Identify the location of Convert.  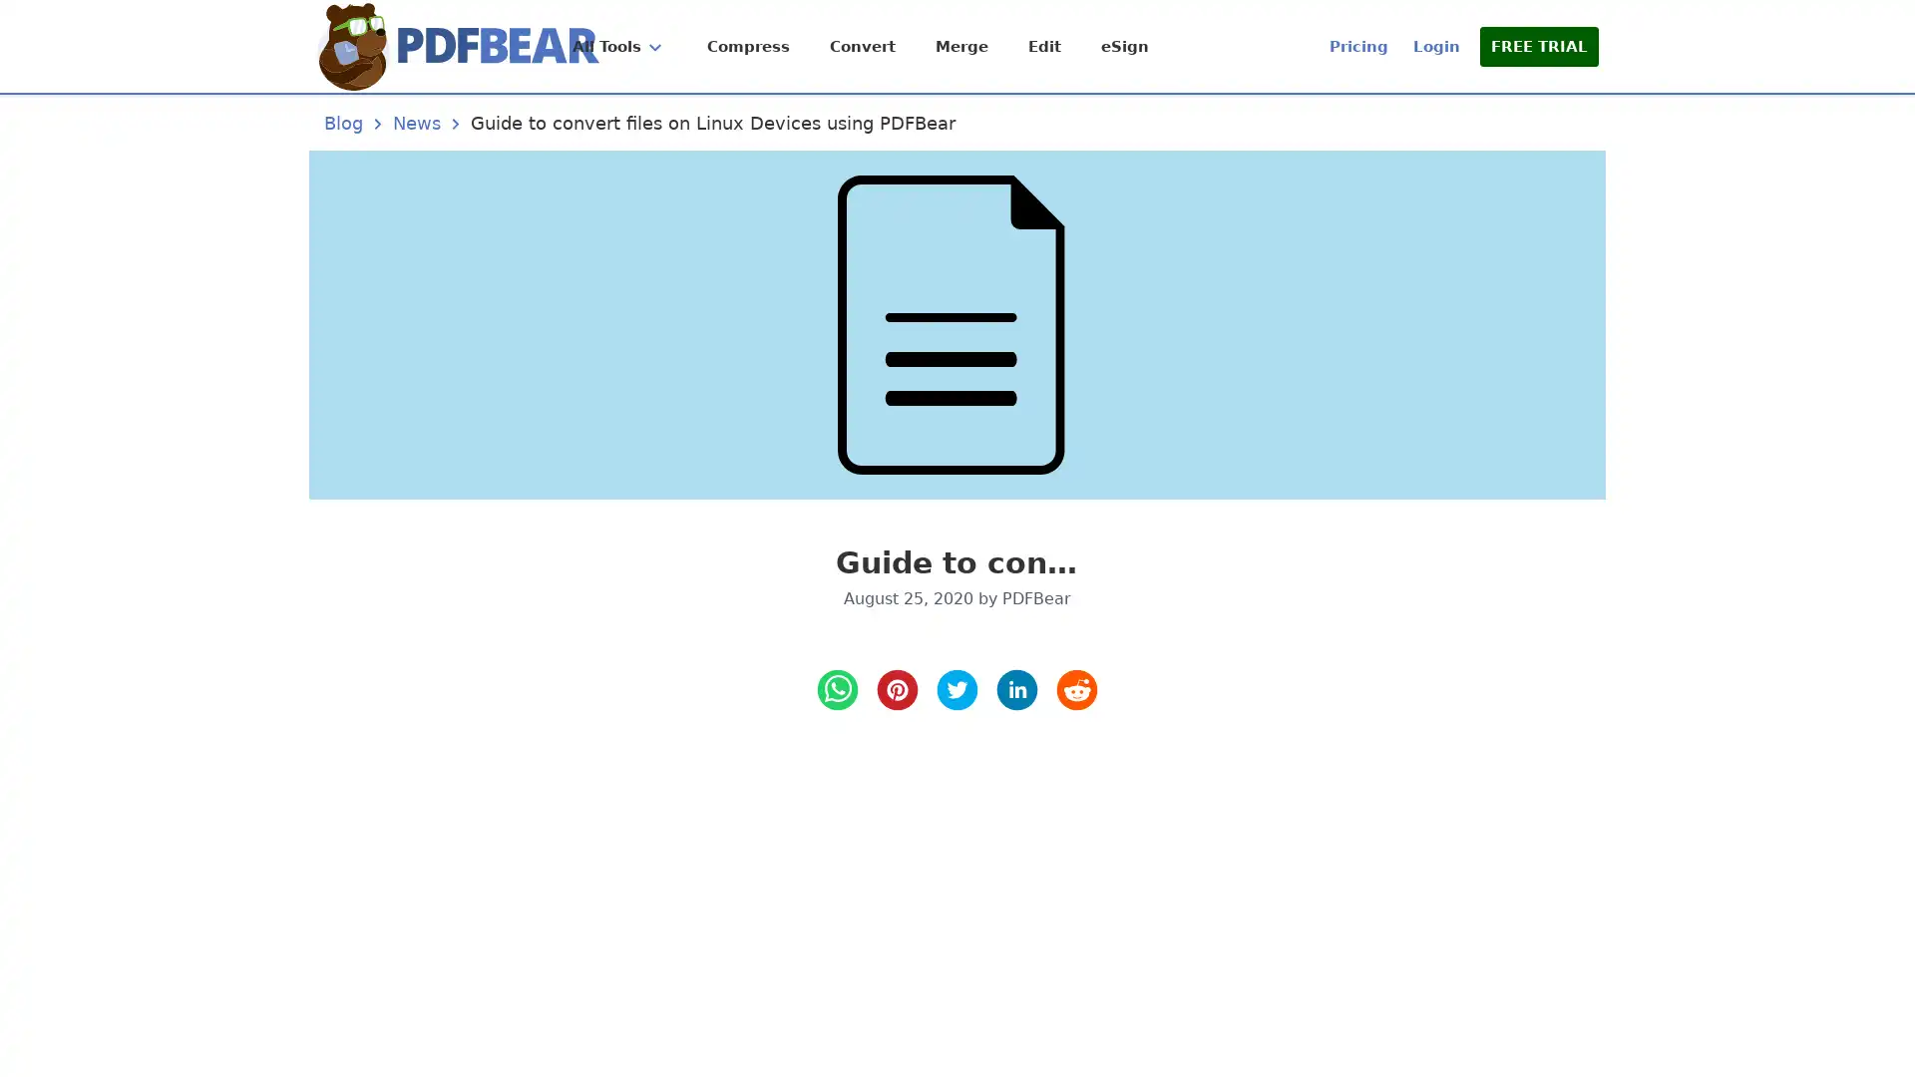
(862, 45).